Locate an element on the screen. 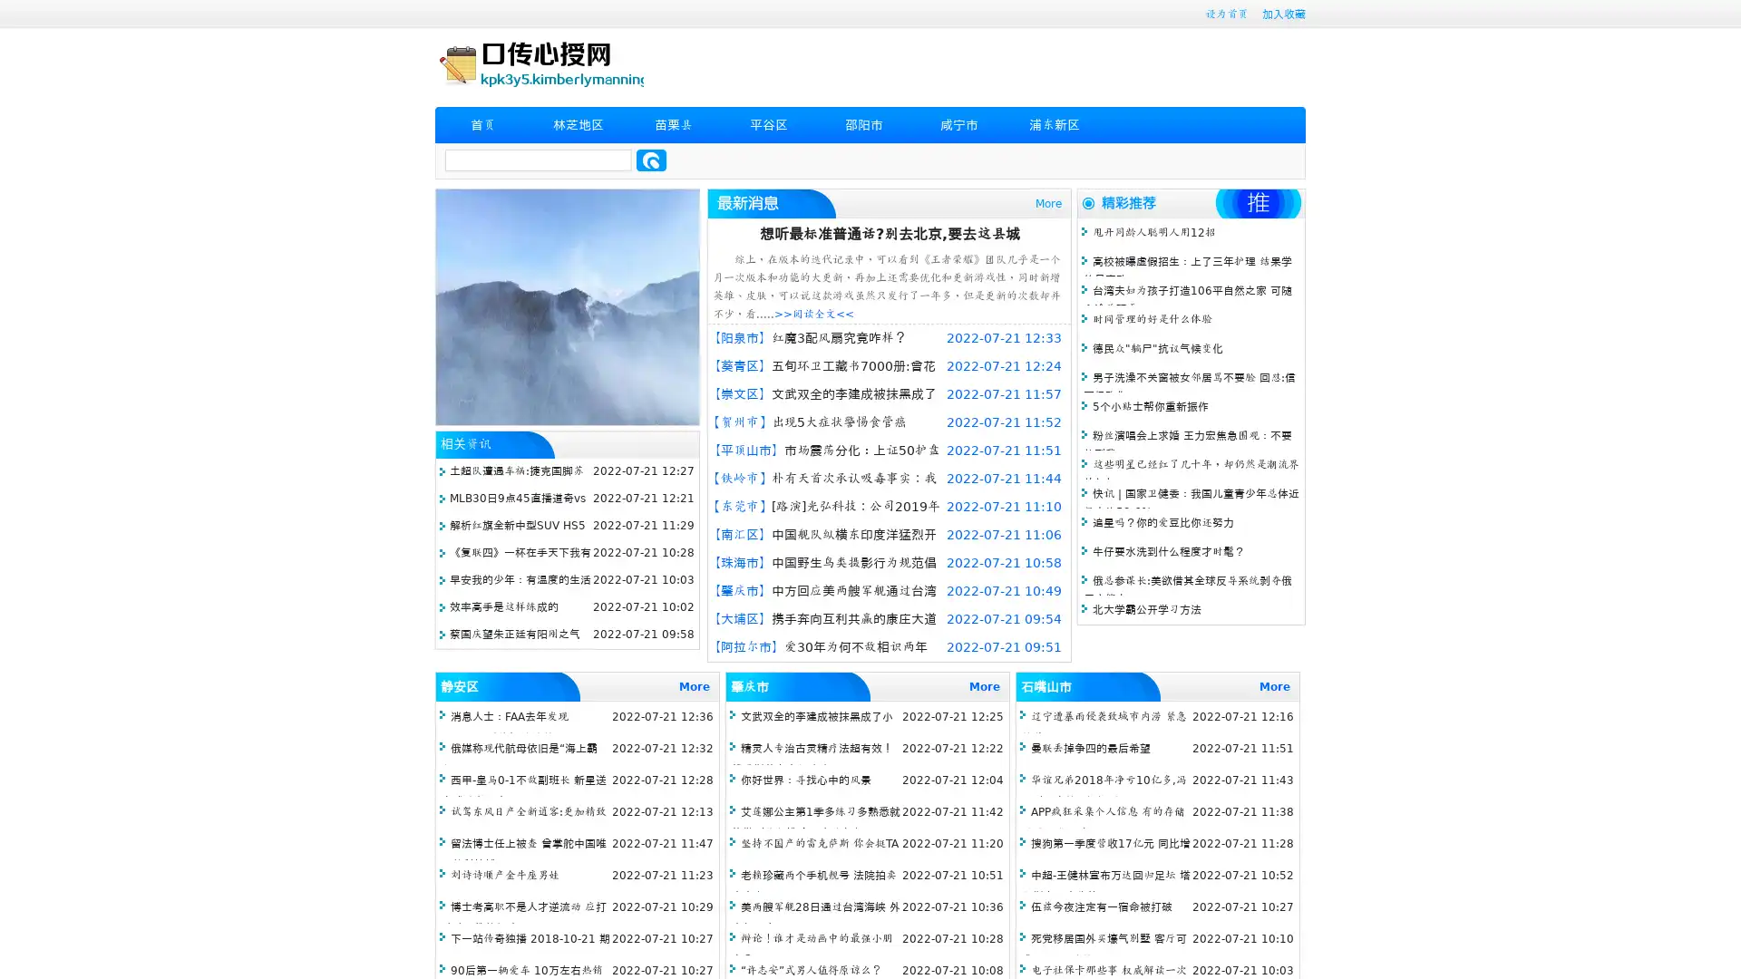 The width and height of the screenshot is (1741, 979). Search is located at coordinates (651, 160).